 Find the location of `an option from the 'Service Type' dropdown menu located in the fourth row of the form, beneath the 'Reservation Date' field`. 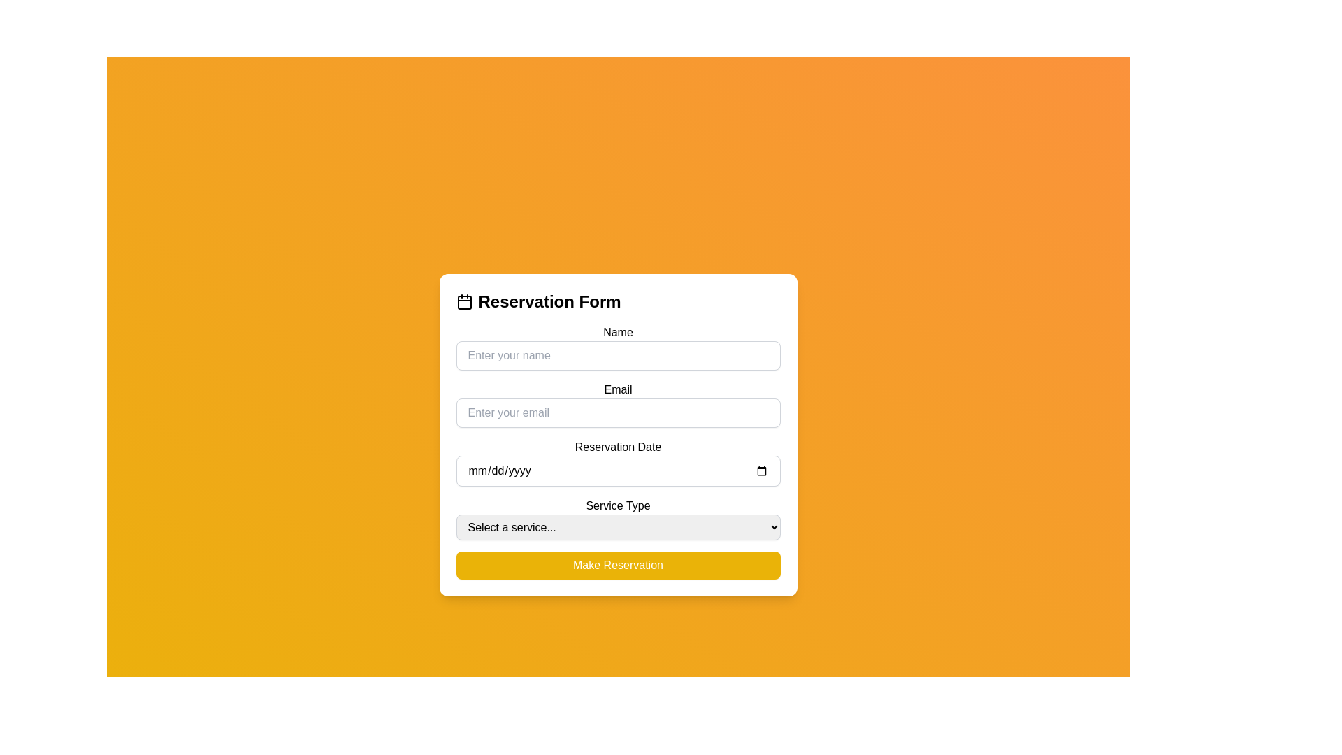

an option from the 'Service Type' dropdown menu located in the fourth row of the form, beneath the 'Reservation Date' field is located at coordinates (617, 518).